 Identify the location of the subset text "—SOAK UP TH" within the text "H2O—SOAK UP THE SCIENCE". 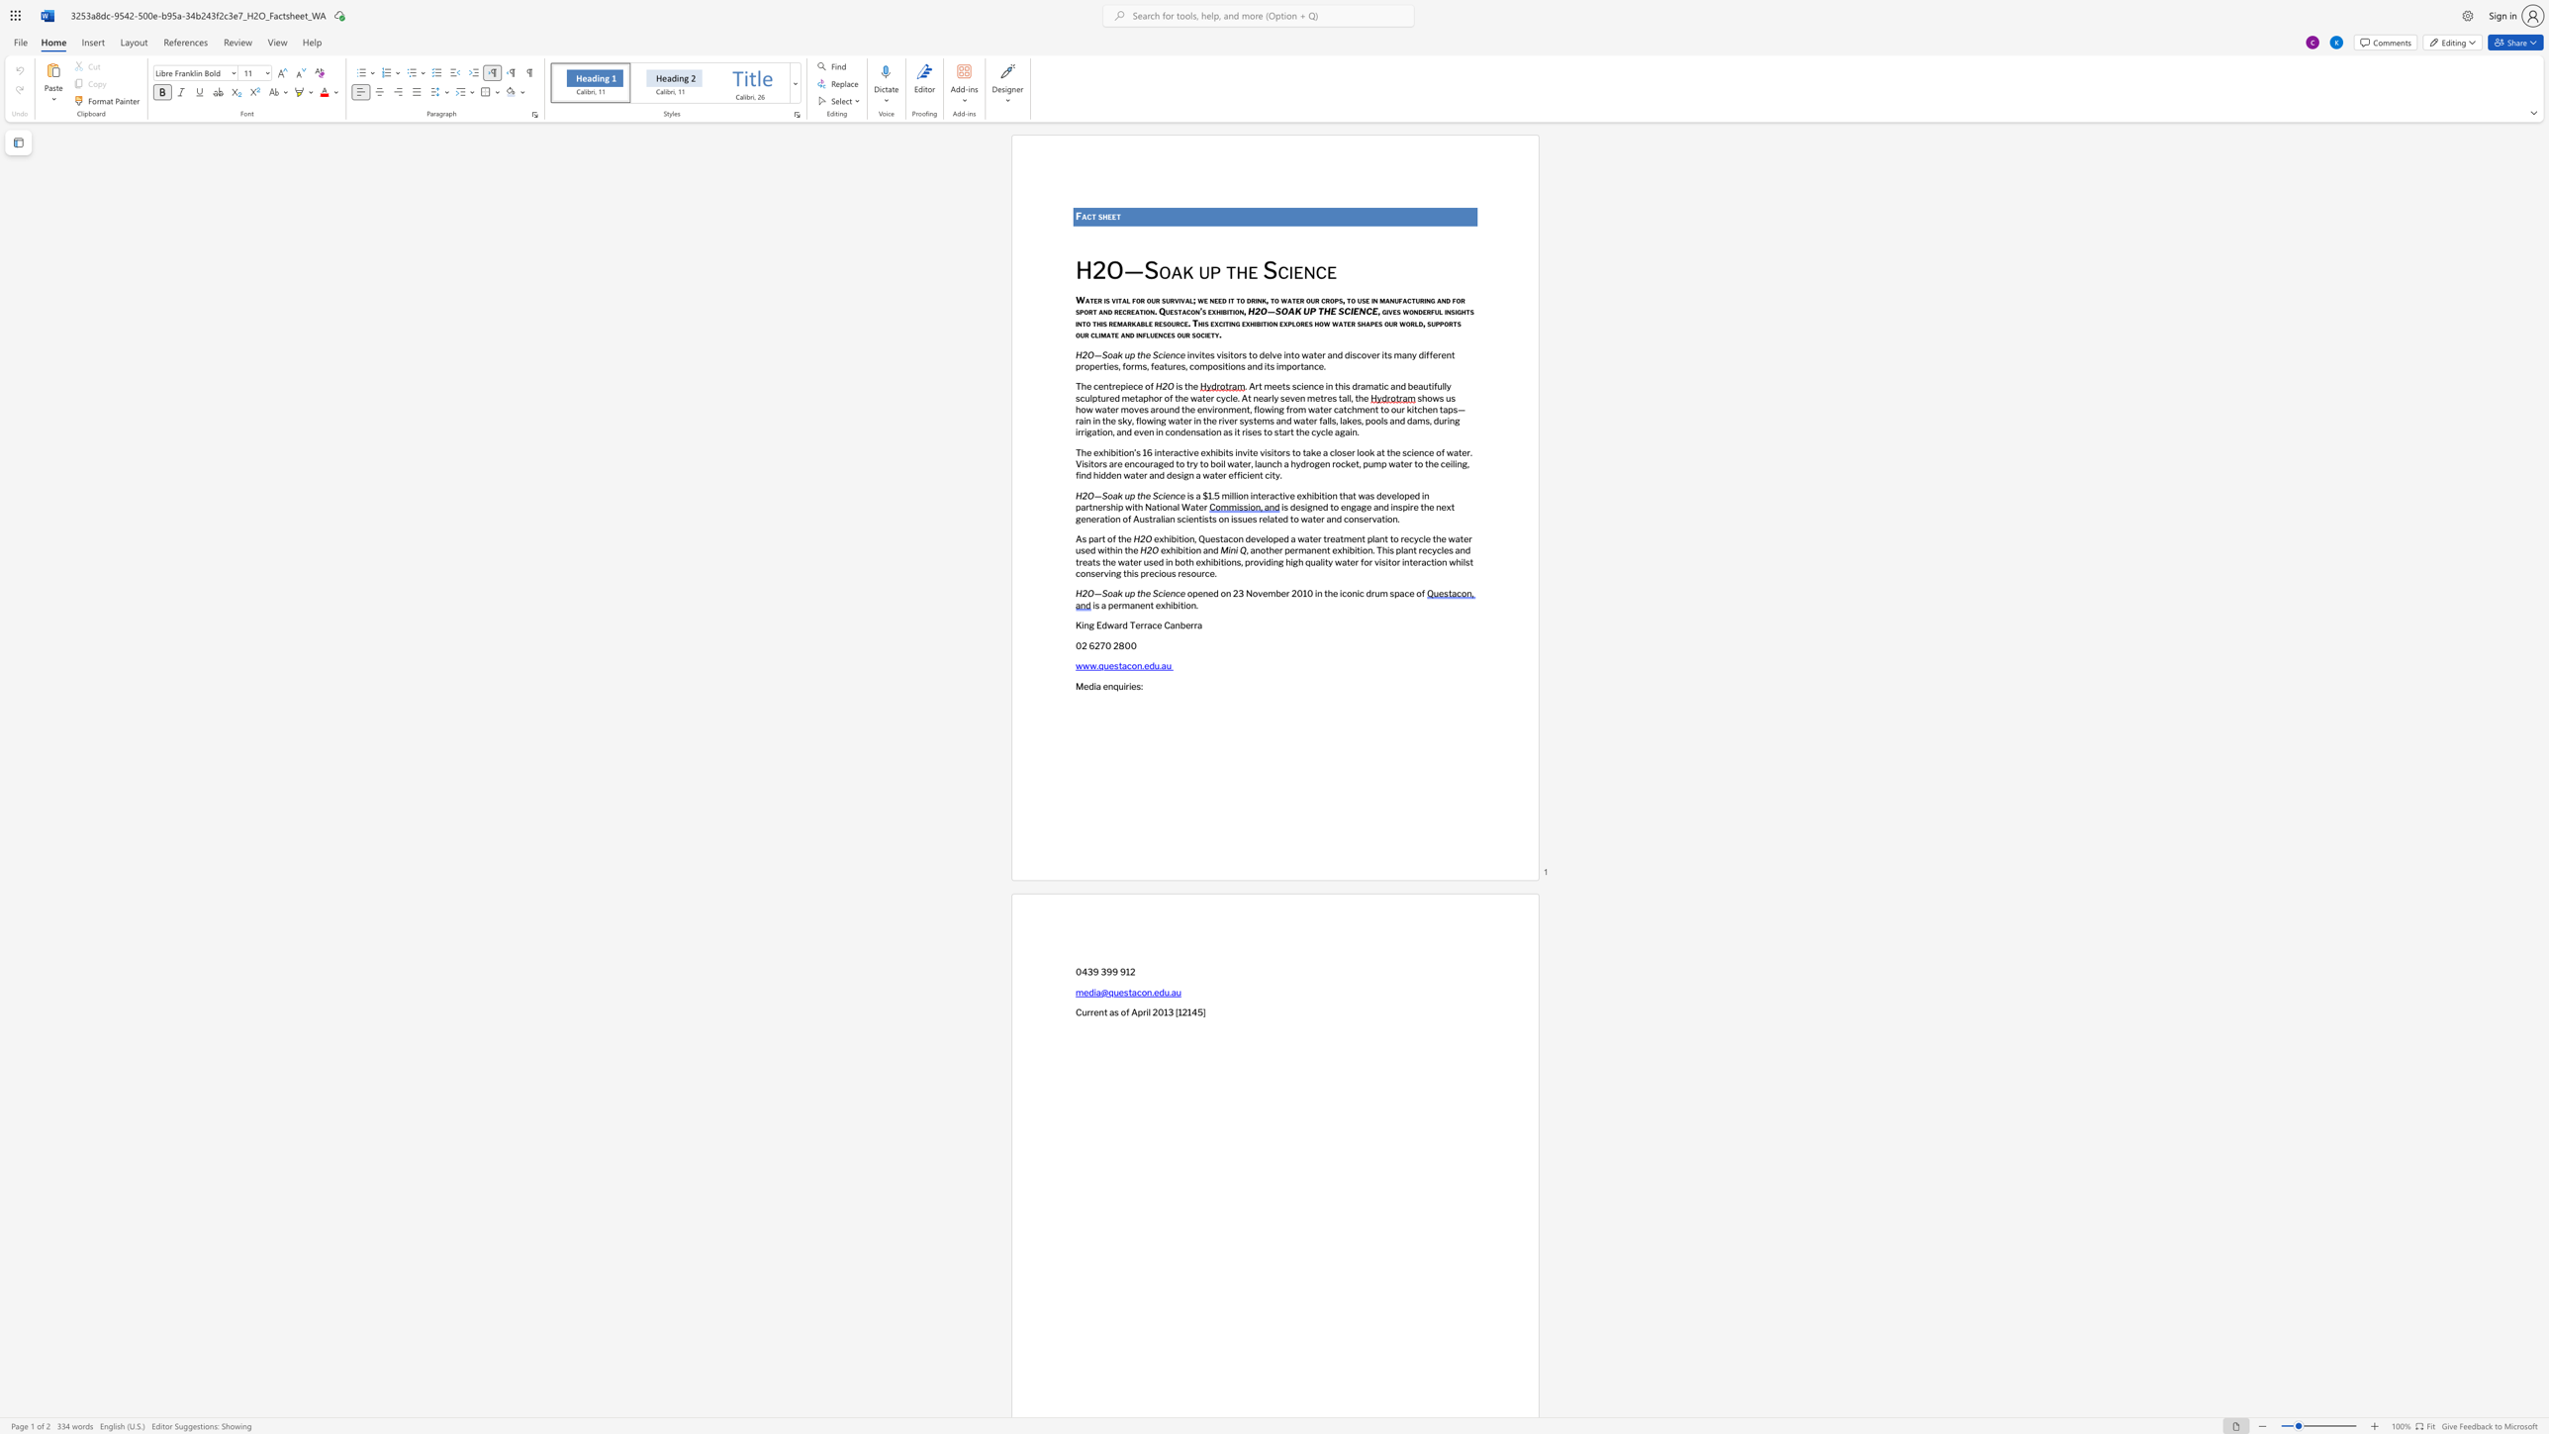
(1267, 312).